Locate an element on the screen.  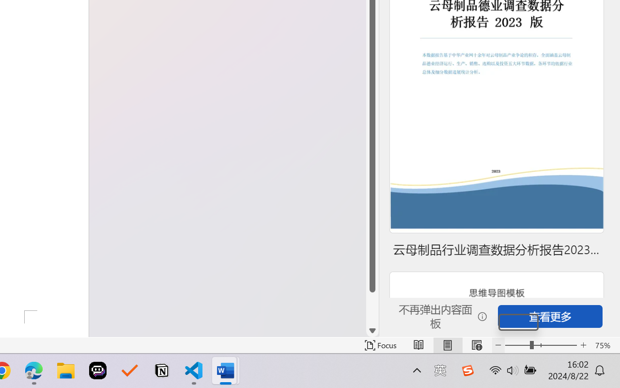
'Page down' is located at coordinates (372, 308).